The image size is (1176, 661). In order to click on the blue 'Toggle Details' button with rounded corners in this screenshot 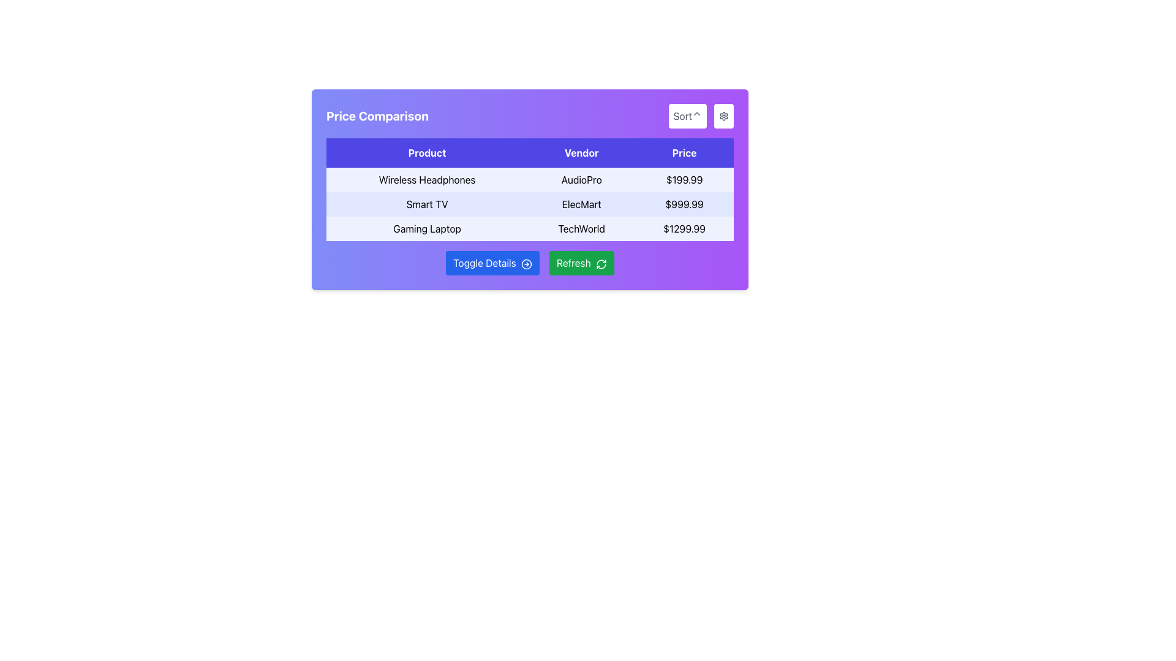, I will do `click(530, 262)`.